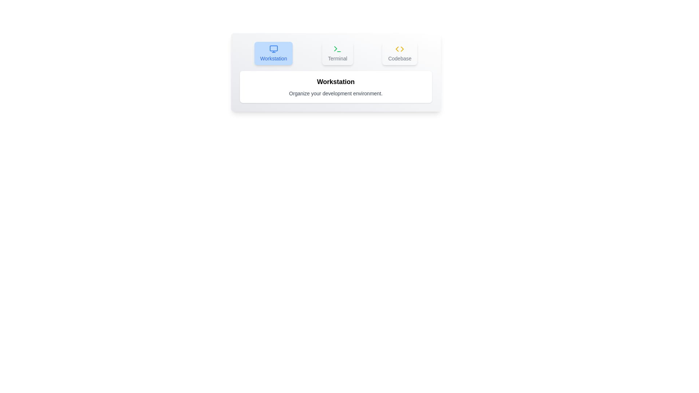  I want to click on the tab titled Codebase to examine its title and description, so click(399, 53).